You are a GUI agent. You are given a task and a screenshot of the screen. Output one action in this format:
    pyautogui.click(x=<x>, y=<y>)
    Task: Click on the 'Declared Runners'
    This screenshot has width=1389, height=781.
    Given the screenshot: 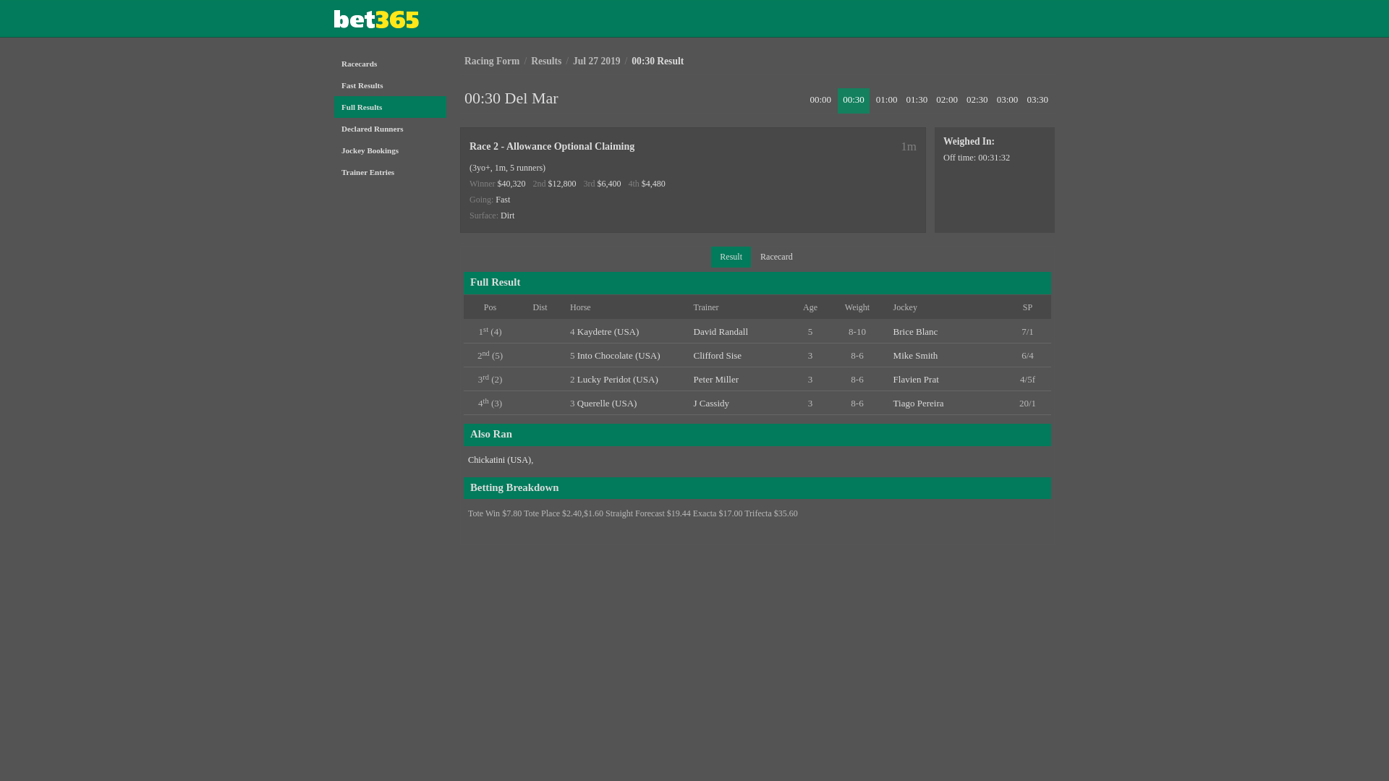 What is the action you would take?
    pyautogui.click(x=390, y=127)
    